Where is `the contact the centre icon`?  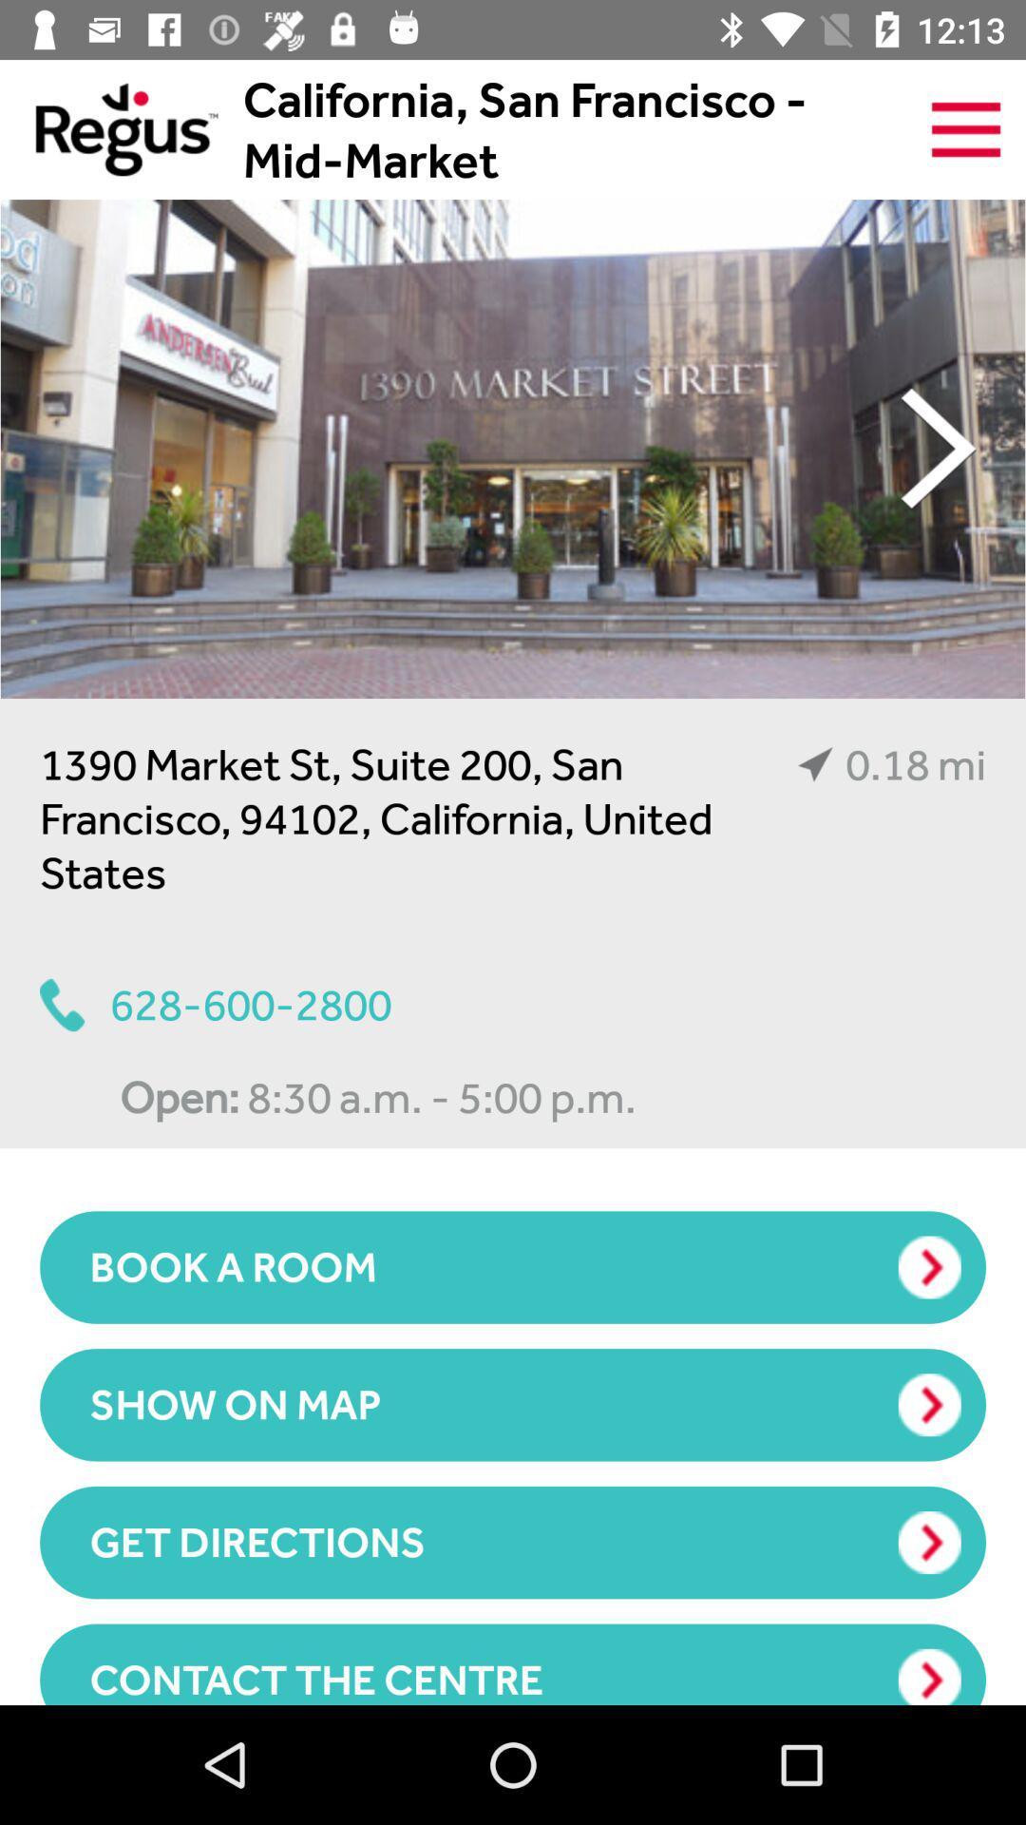 the contact the centre icon is located at coordinates (513, 1663).